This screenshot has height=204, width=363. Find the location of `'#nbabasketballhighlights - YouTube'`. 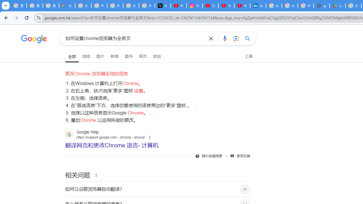

'#nbabasketballhighlights - YouTube' is located at coordinates (178, 6).